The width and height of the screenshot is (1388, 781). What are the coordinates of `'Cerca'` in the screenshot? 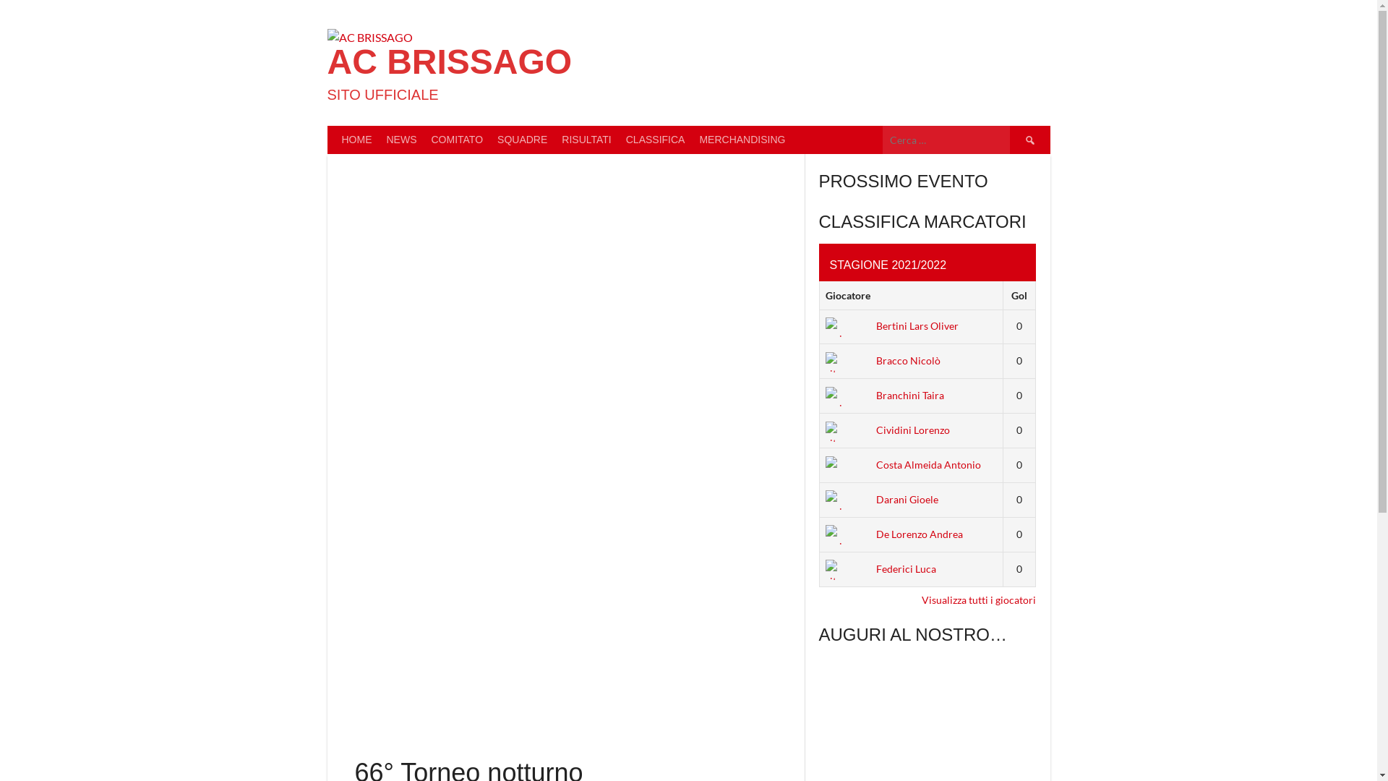 It's located at (1008, 140).